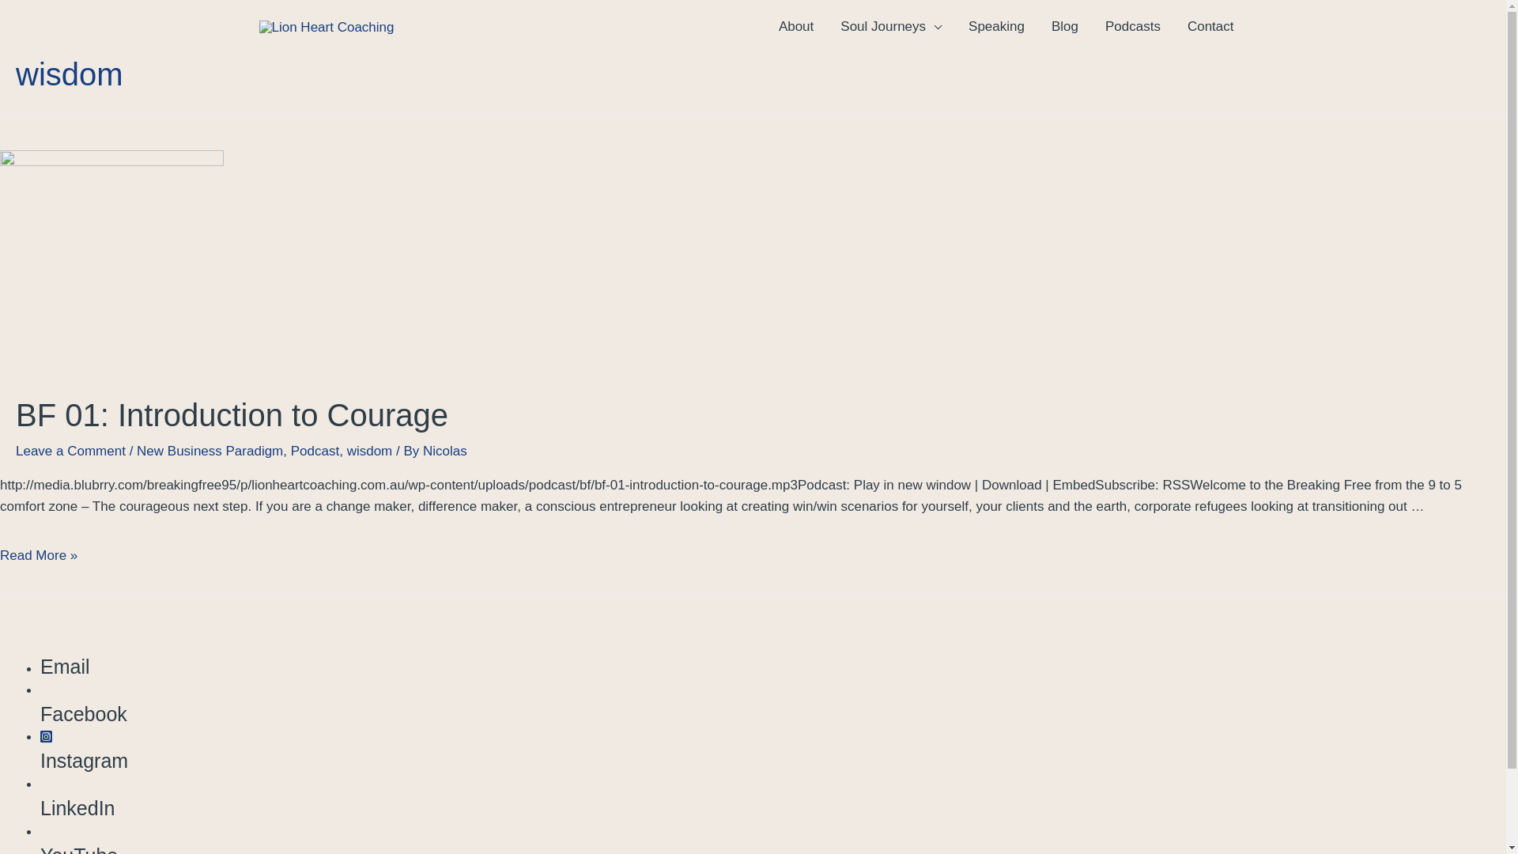  Describe the element at coordinates (1132, 27) in the screenshot. I see `'Podcasts'` at that location.